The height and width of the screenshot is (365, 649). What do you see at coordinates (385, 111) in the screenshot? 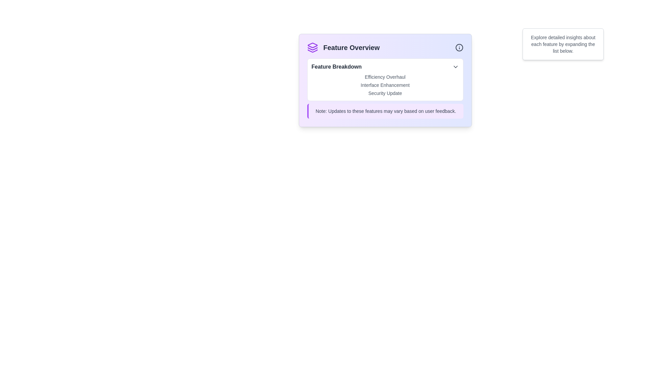
I see `the Informational note box with a light purple background and bold purple left border, containing the text 'Note: Updates to these features may vary based on user feedback.'` at bounding box center [385, 111].